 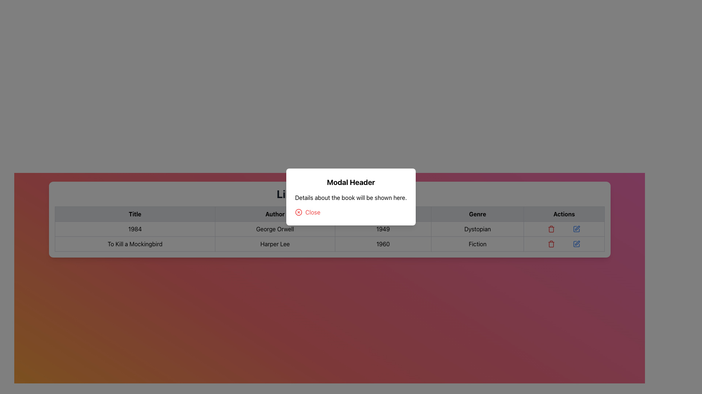 I want to click on the pen icon button in the 'Actions' column of the second row in the table, so click(x=577, y=228).